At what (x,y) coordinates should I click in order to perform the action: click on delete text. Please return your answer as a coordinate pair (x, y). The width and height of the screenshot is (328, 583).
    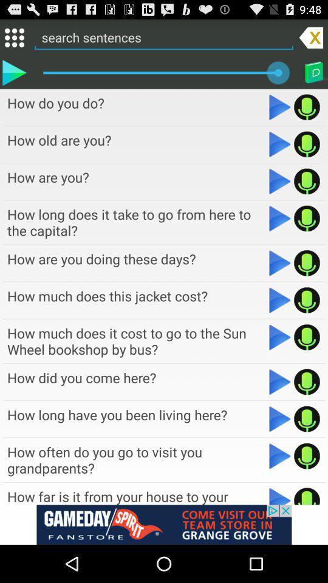
    Looking at the image, I should click on (311, 37).